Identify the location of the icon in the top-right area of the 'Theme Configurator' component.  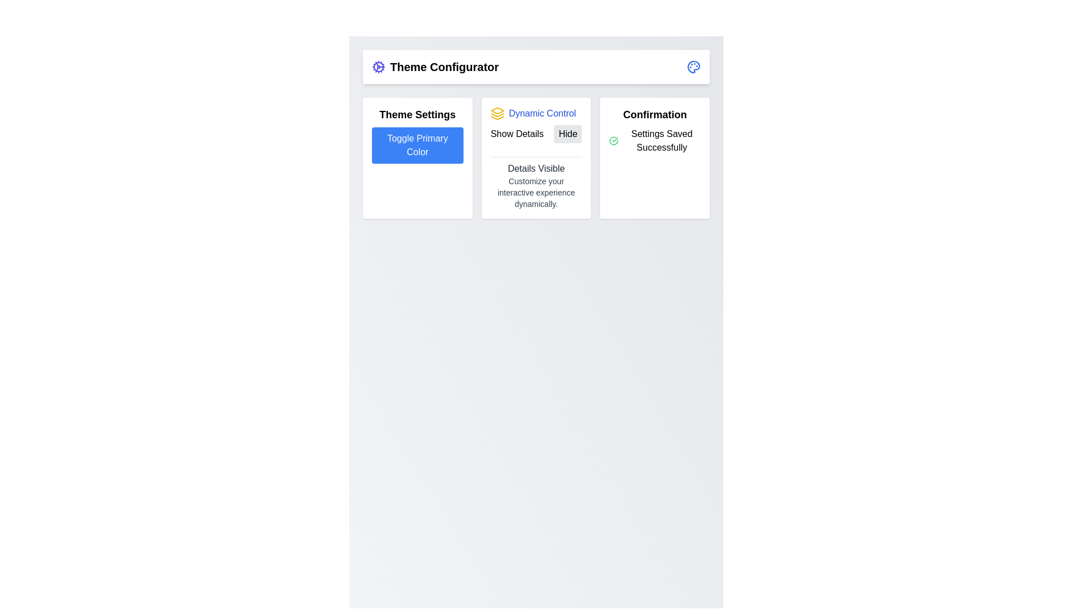
(693, 67).